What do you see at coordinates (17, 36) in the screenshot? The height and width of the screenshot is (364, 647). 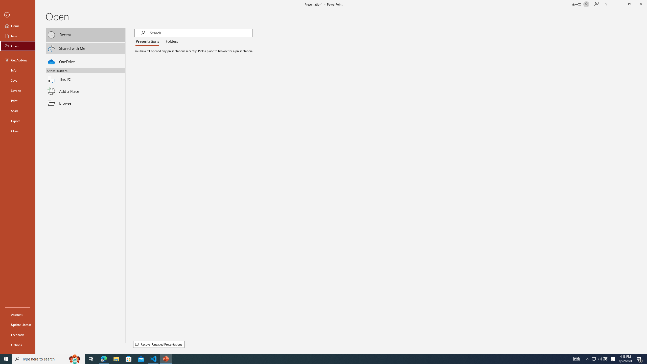 I see `'New'` at bounding box center [17, 36].